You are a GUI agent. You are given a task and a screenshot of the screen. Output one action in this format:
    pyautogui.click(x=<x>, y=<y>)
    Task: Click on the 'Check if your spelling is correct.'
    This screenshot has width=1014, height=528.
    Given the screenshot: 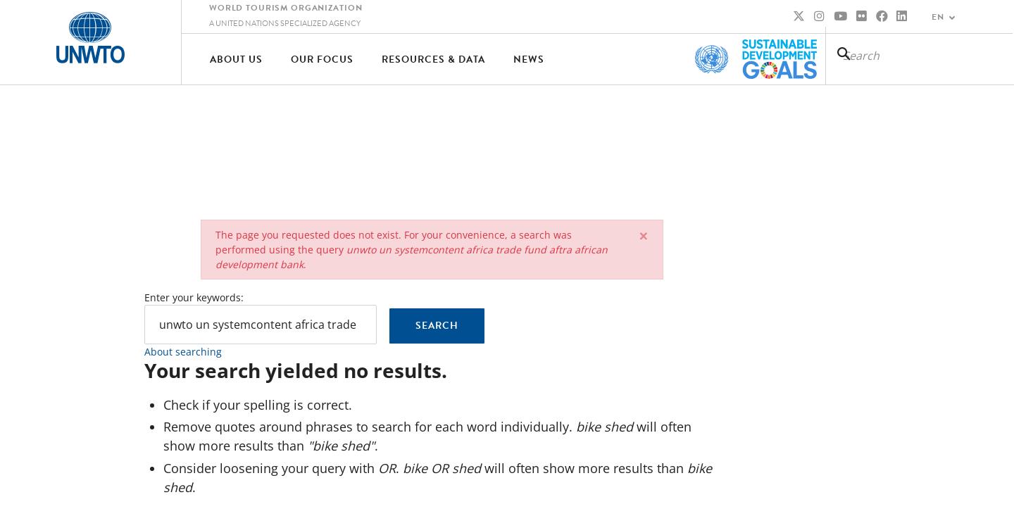 What is the action you would take?
    pyautogui.click(x=162, y=403)
    